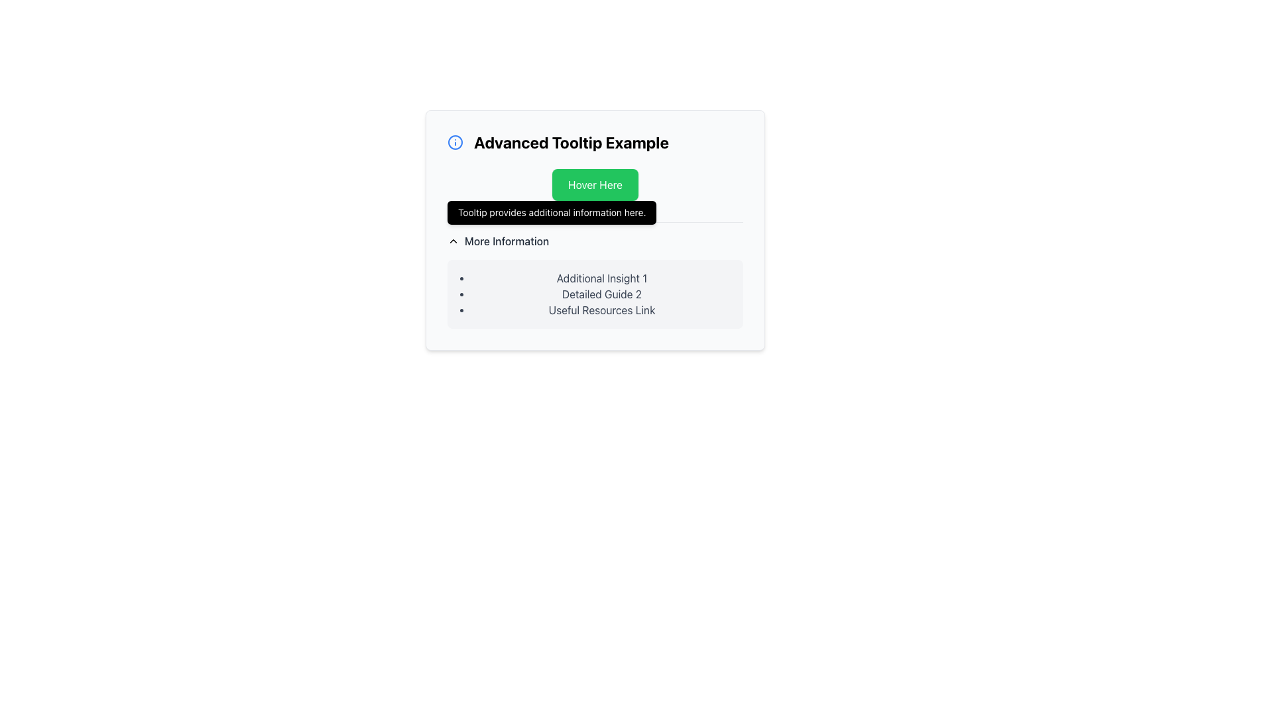 This screenshot has width=1273, height=716. Describe the element at coordinates (601, 293) in the screenshot. I see `the second static text list item in the 'More Information' section, which is positioned below 'Additional Insight 1' and above 'Useful Resources Link'` at that location.